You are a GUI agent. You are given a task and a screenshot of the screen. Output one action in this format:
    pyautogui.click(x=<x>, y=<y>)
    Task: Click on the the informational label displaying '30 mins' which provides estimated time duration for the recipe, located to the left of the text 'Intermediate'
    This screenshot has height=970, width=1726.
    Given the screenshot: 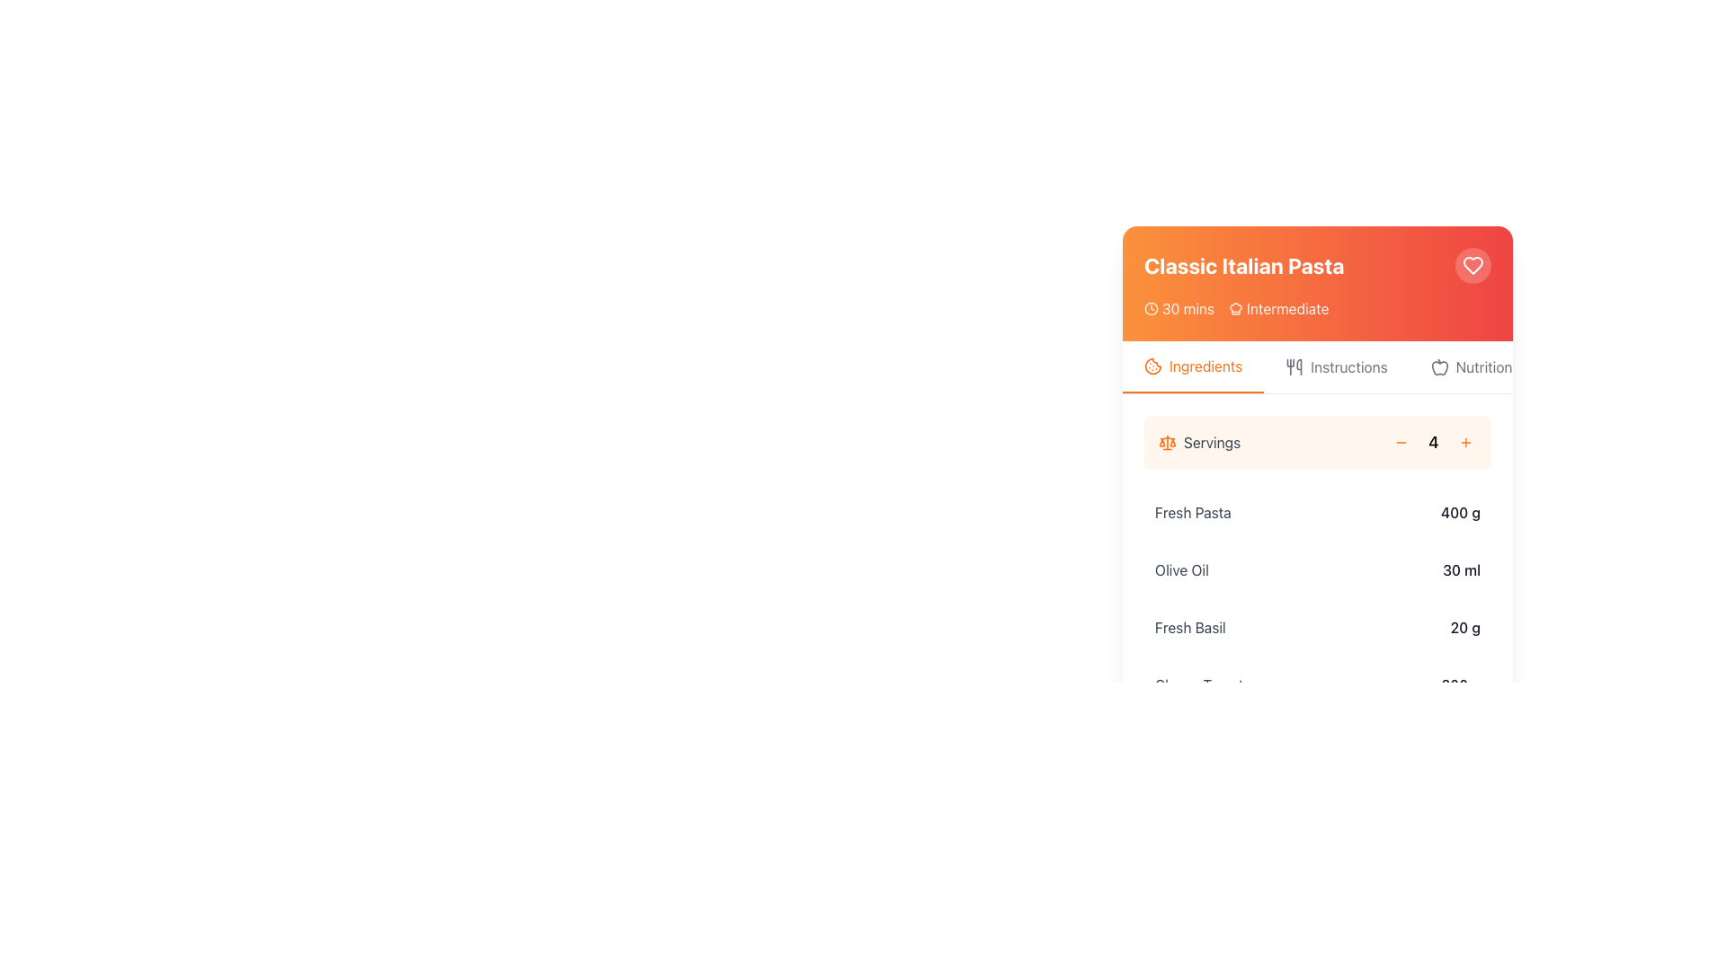 What is the action you would take?
    pyautogui.click(x=1179, y=307)
    